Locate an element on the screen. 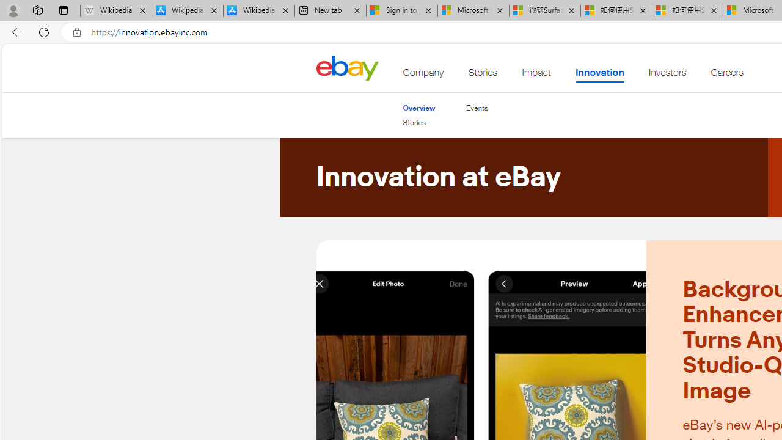 The image size is (782, 440). 'Innovation' is located at coordinates (599, 75).